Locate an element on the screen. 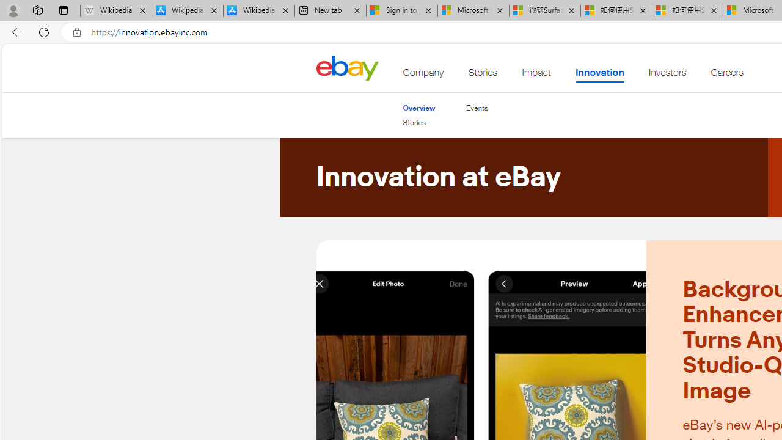 The image size is (782, 440). 'Innovation' is located at coordinates (599, 75).